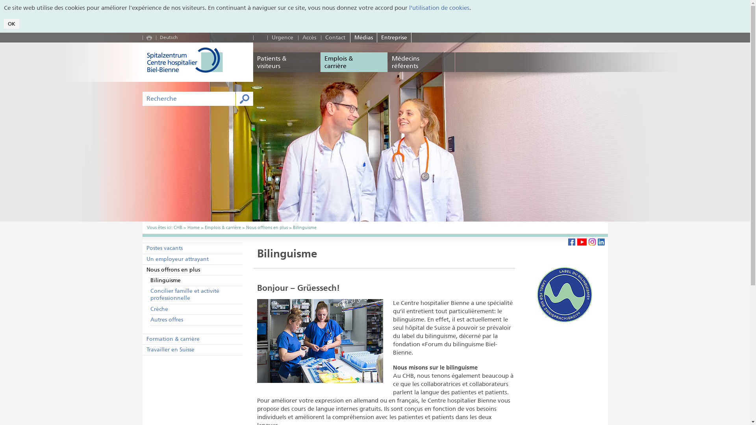  I want to click on 'Entreprise', so click(377, 37).